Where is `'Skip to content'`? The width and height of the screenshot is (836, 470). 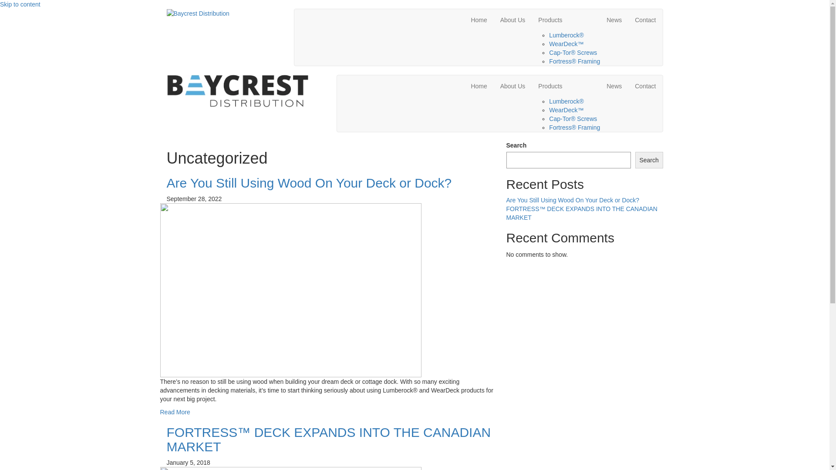 'Skip to content' is located at coordinates (20, 4).